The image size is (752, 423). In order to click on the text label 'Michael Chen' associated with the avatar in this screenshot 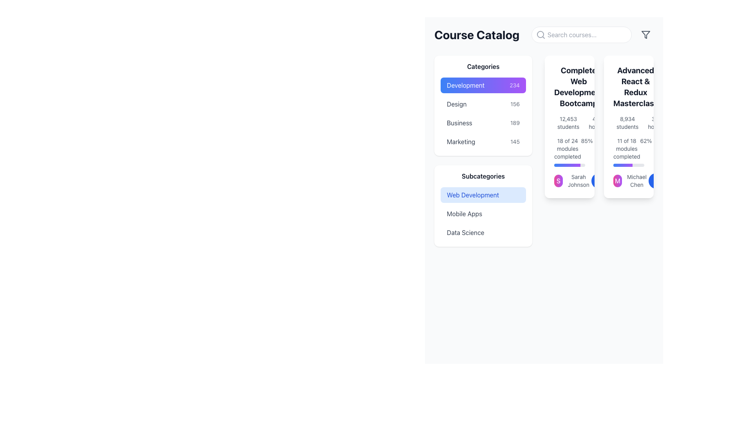, I will do `click(631, 181)`.